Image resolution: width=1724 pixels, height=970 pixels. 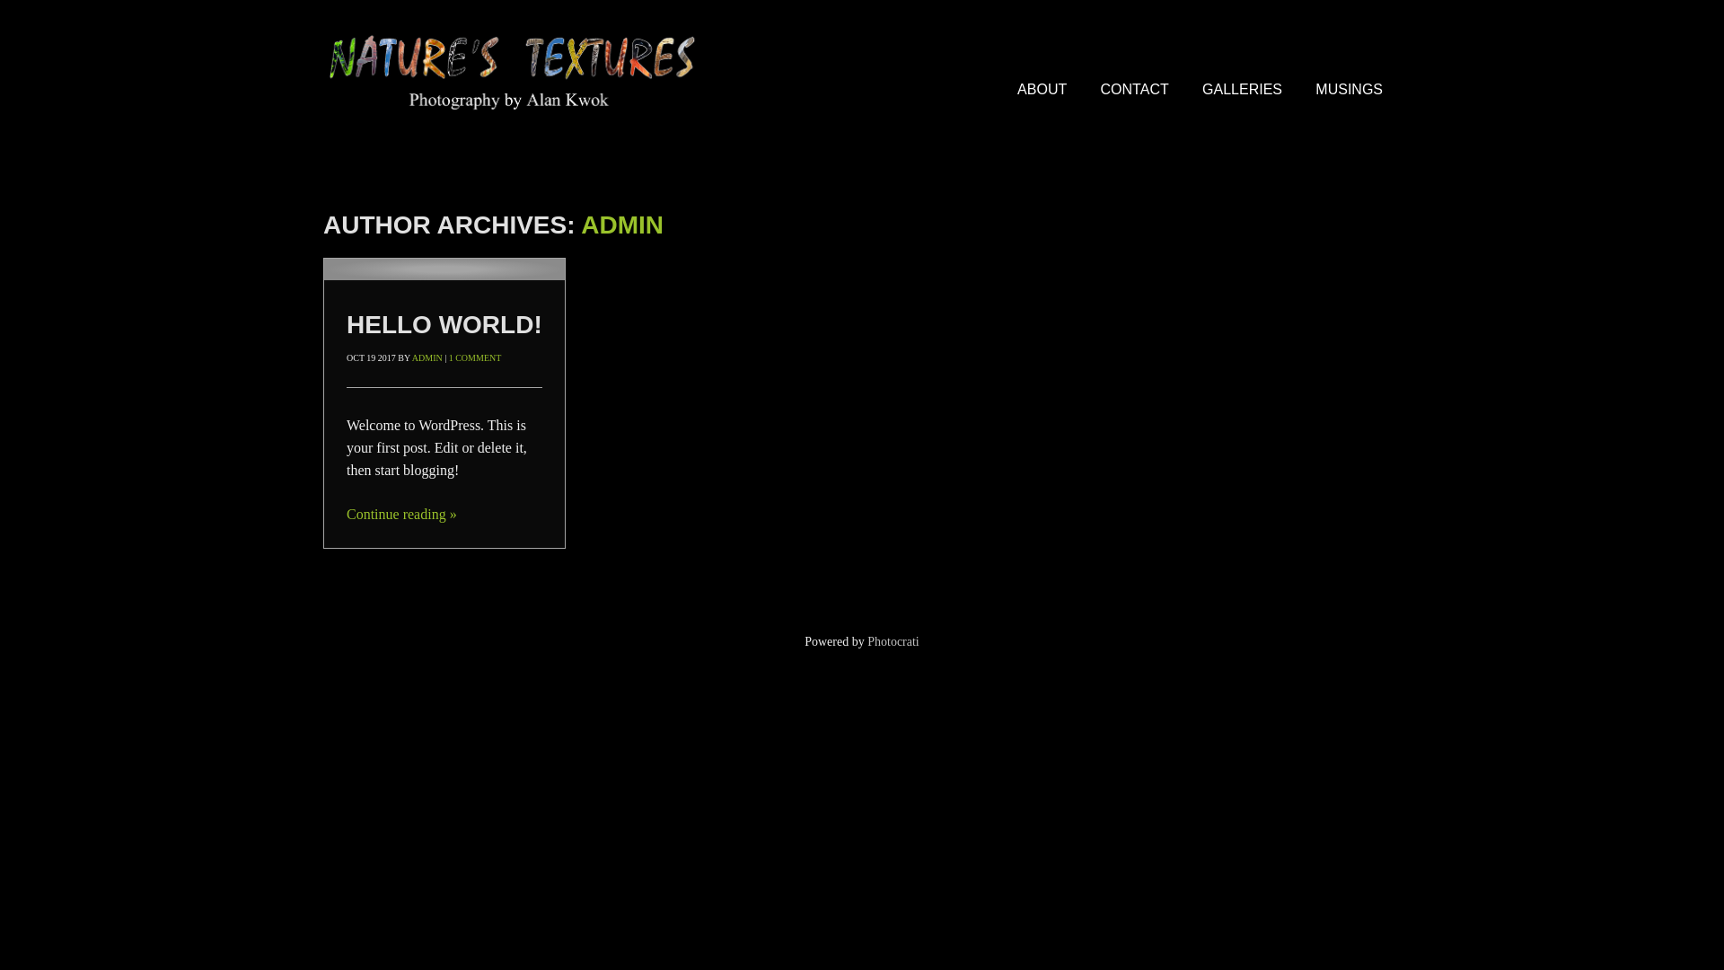 What do you see at coordinates (1241, 90) in the screenshot?
I see `'GALLERIES'` at bounding box center [1241, 90].